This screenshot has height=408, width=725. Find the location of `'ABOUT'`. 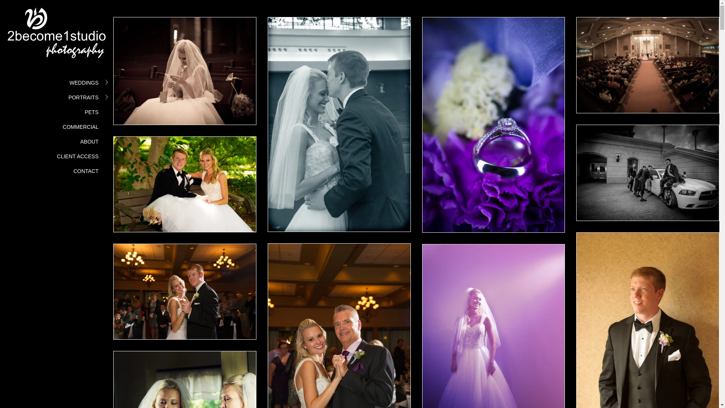

'ABOUT' is located at coordinates (89, 141).